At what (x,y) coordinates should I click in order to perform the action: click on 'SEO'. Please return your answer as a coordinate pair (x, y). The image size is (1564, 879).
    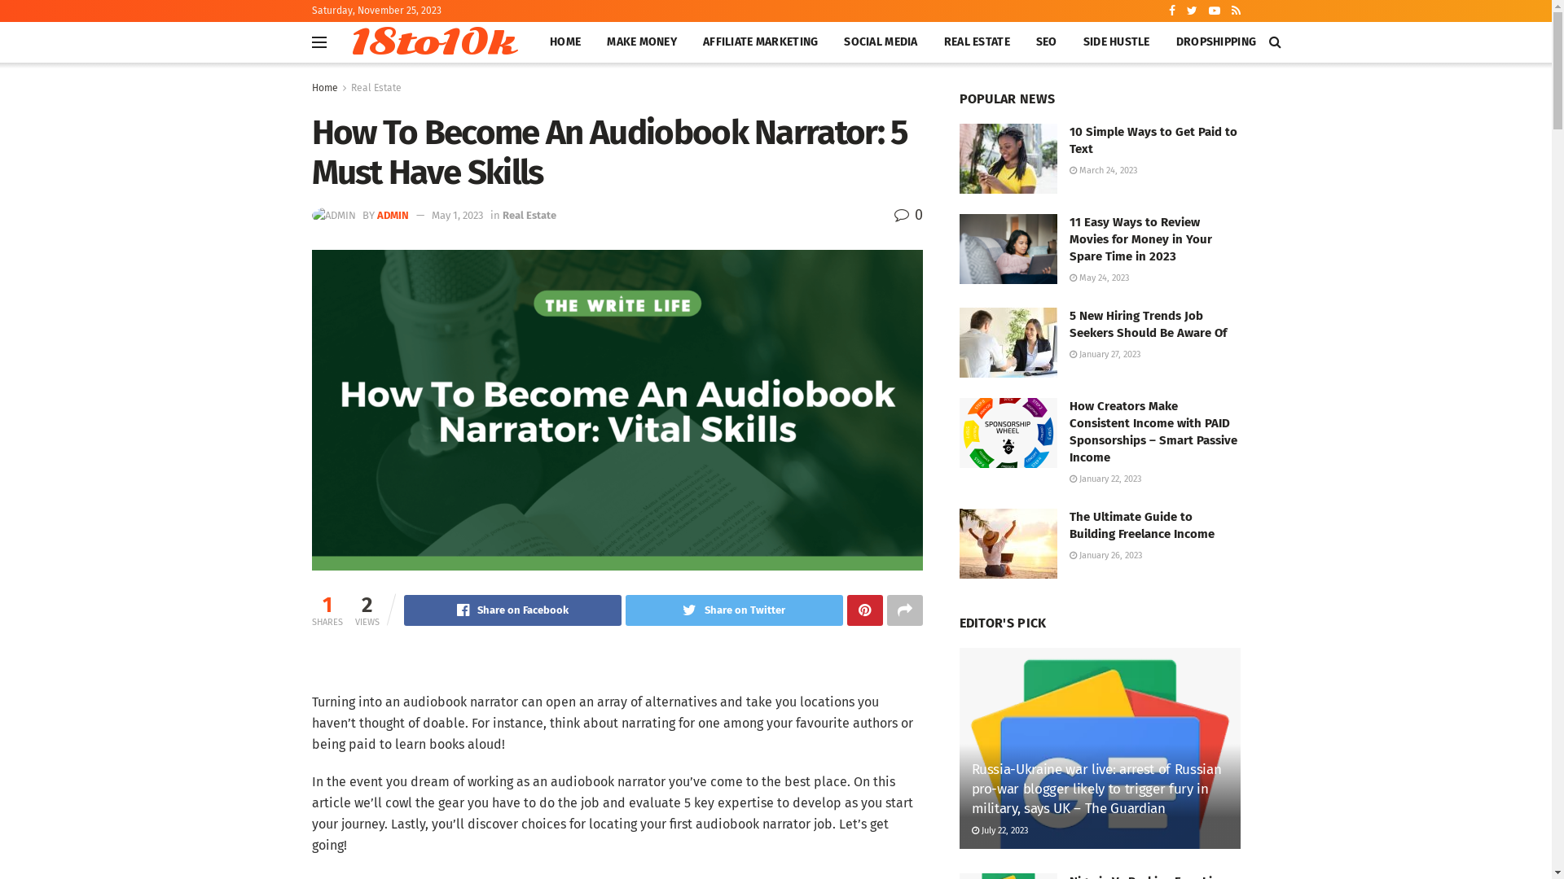
    Looking at the image, I should click on (1047, 41).